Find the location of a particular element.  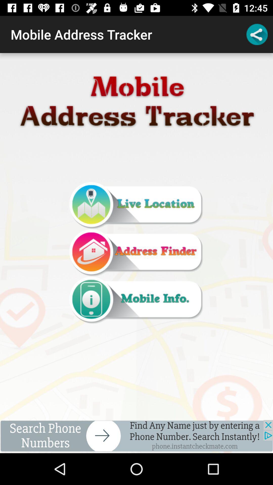

item is located at coordinates (136, 253).